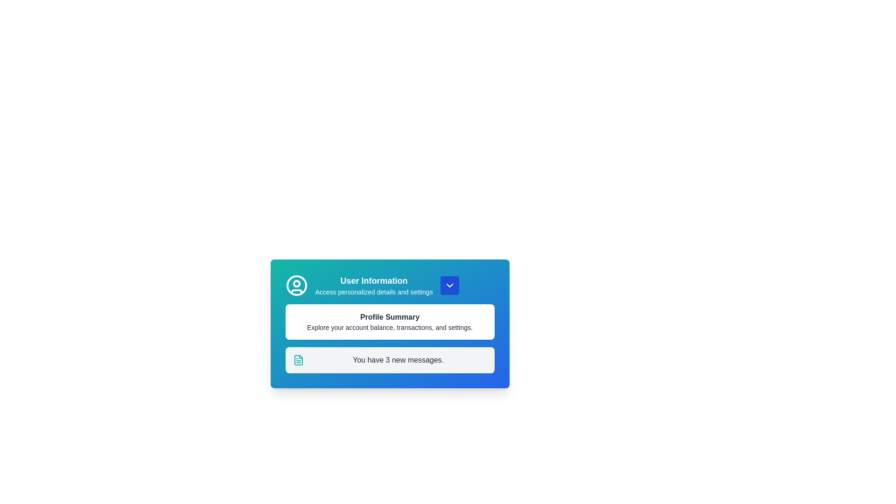  What do you see at coordinates (298, 359) in the screenshot?
I see `the teal document icon that is located at the leftmost part of the text line reading 'You have 3 new messages.'` at bounding box center [298, 359].